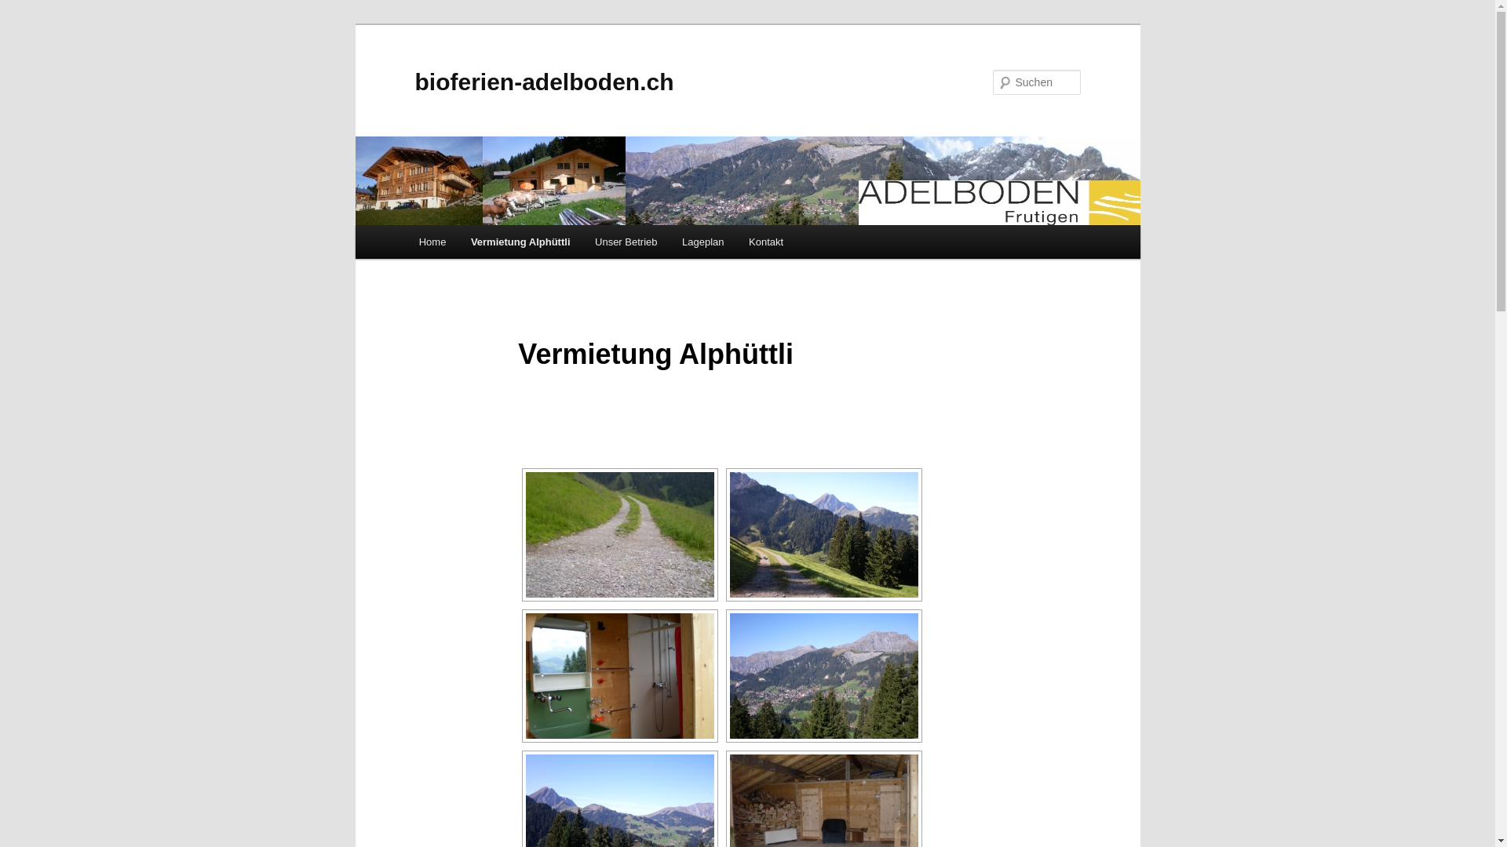  I want to click on 'Kontakt', so click(765, 242).